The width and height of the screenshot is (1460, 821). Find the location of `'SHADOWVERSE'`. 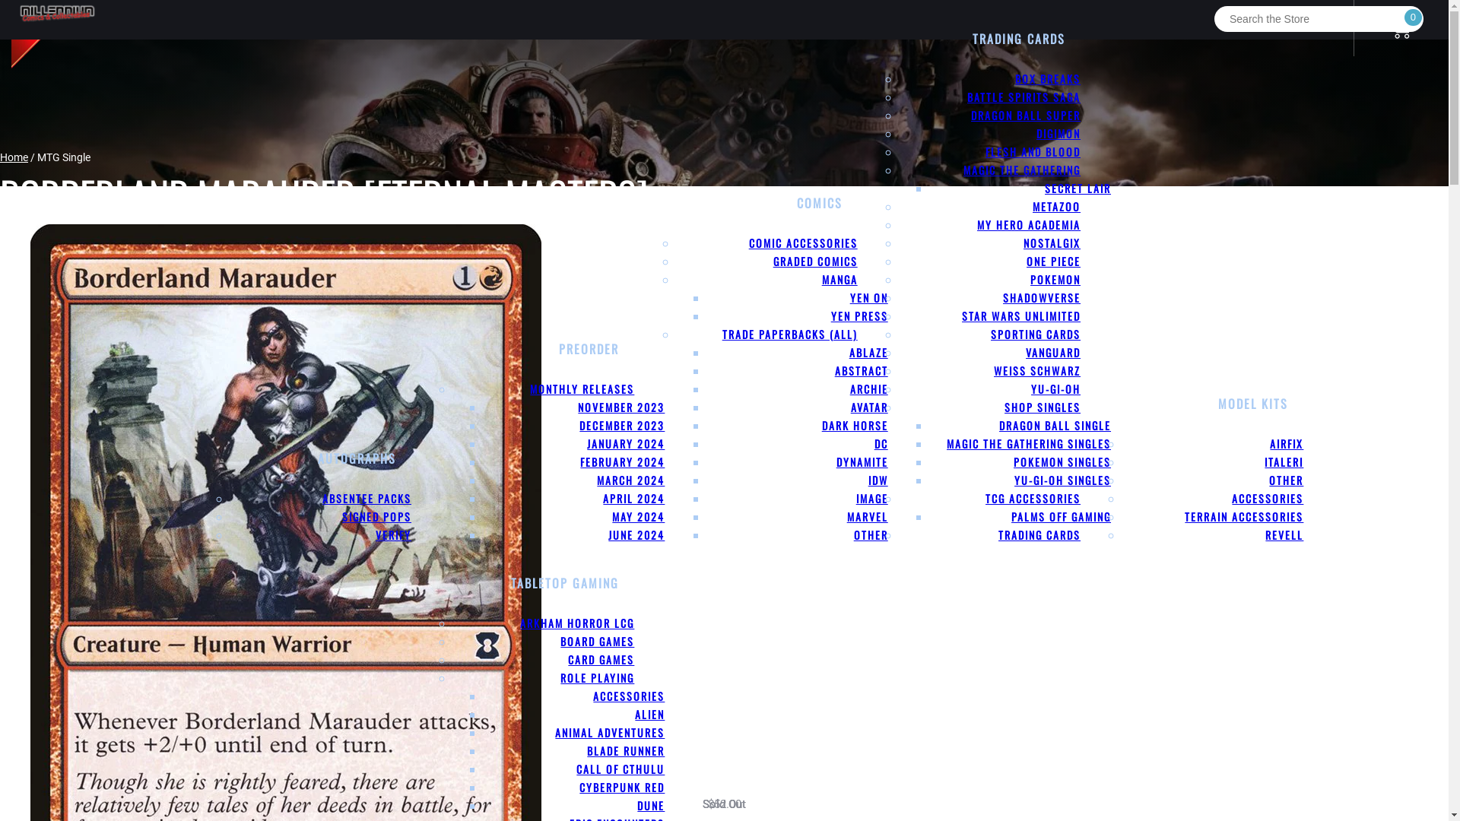

'SHADOWVERSE' is located at coordinates (1040, 297).